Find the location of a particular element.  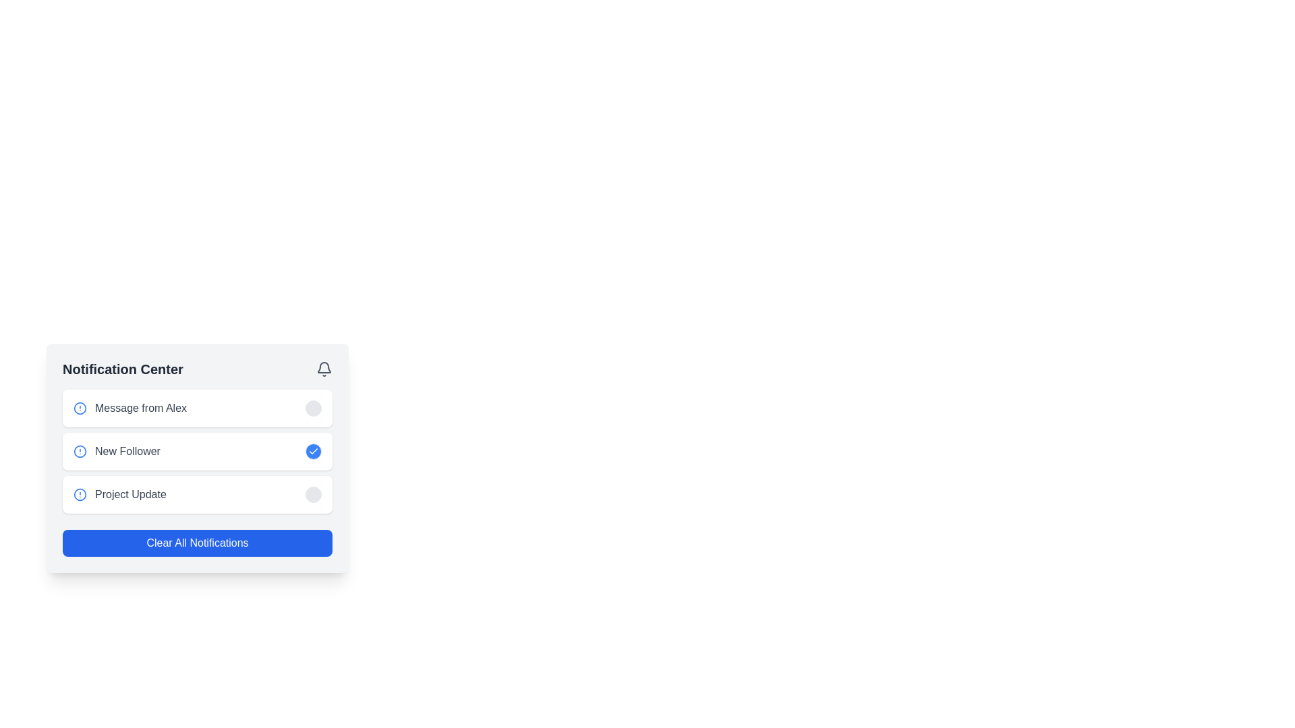

the solid blue circle in the alert icon representing a 'New Follower' notification is located at coordinates (80, 452).